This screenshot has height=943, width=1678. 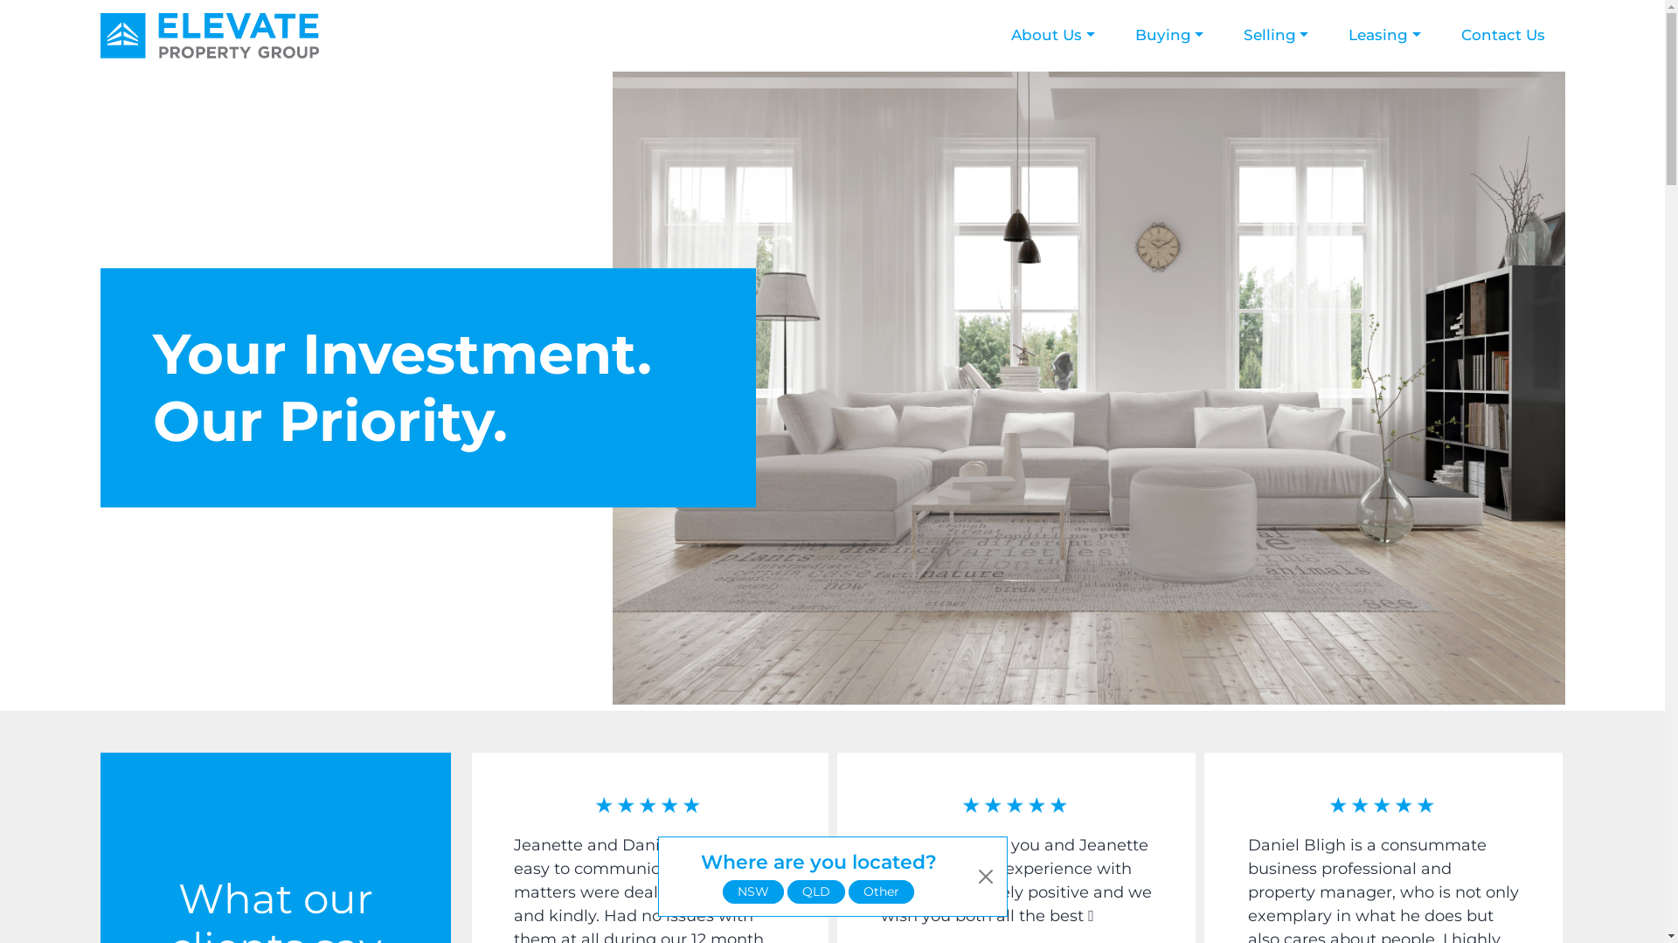 I want to click on 'Buying', so click(x=1169, y=36).